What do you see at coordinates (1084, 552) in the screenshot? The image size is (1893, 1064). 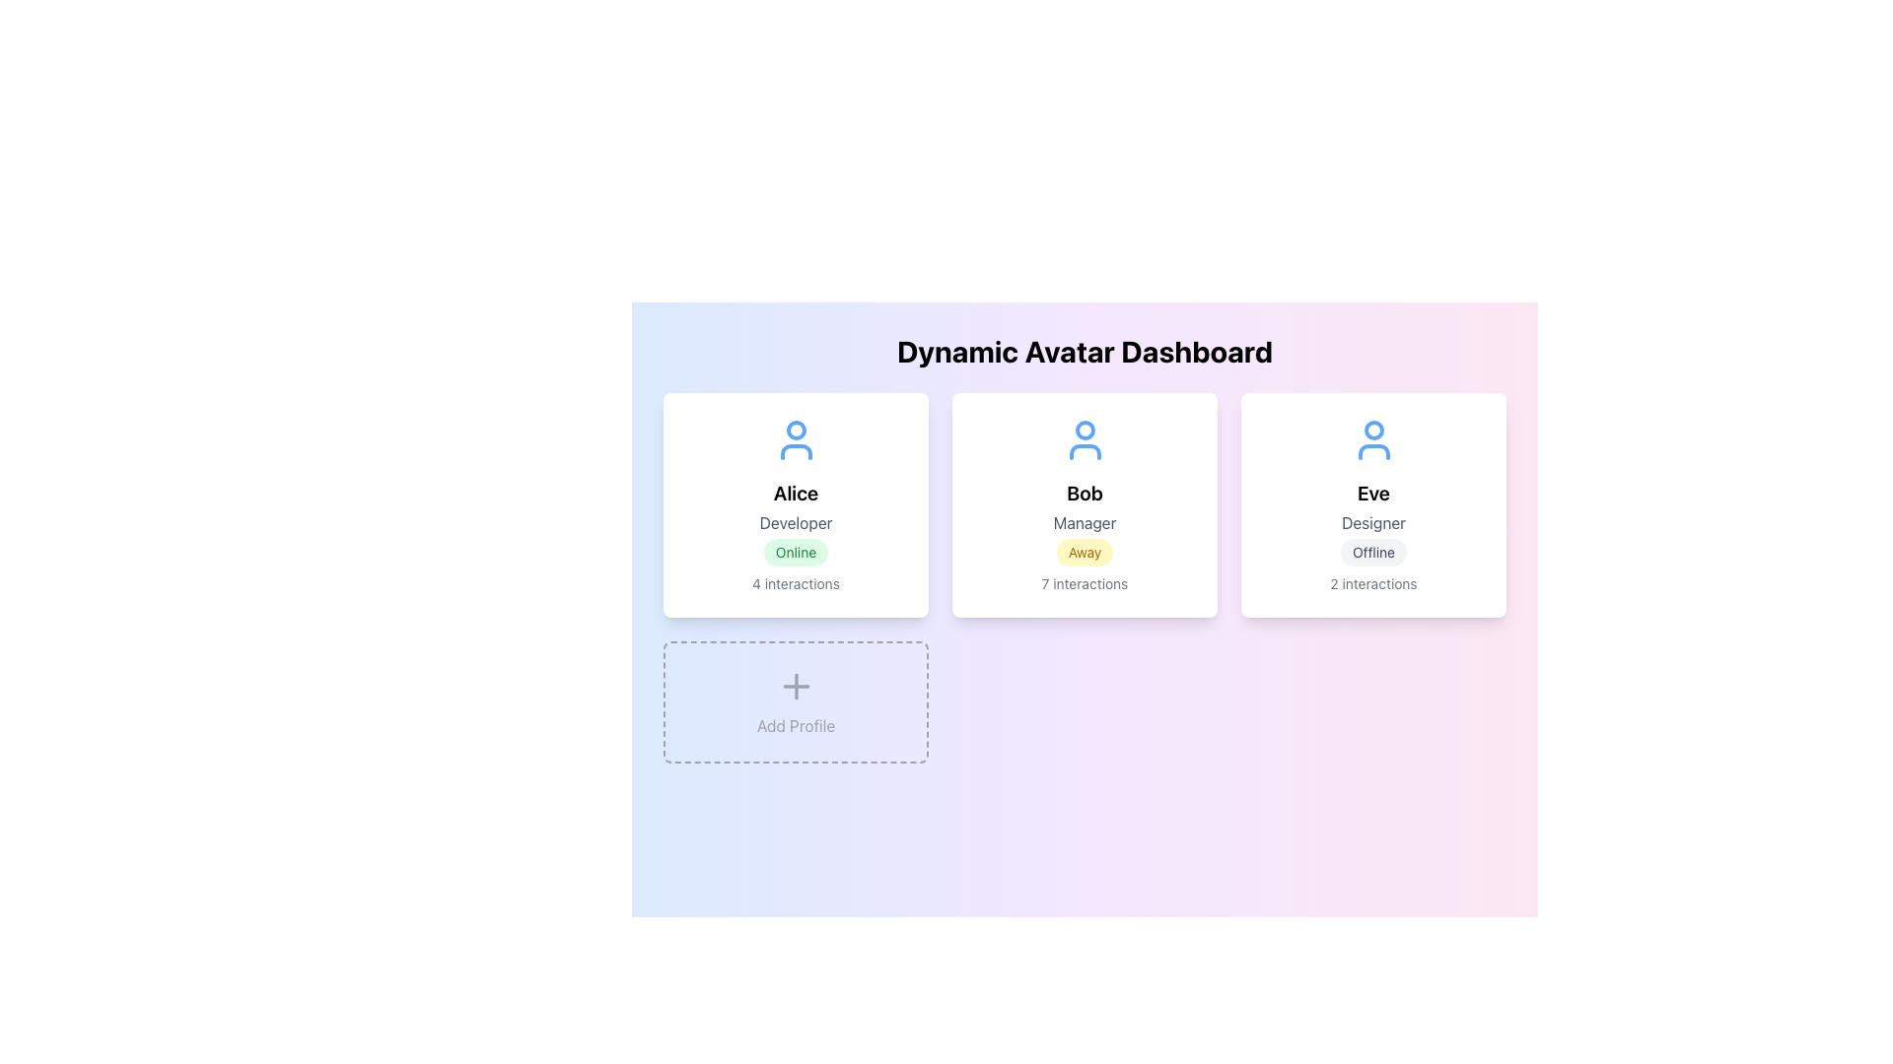 I see `status displayed on the Badge or Status Indicator for 'Bob', which indicates that he is currently away` at bounding box center [1084, 552].